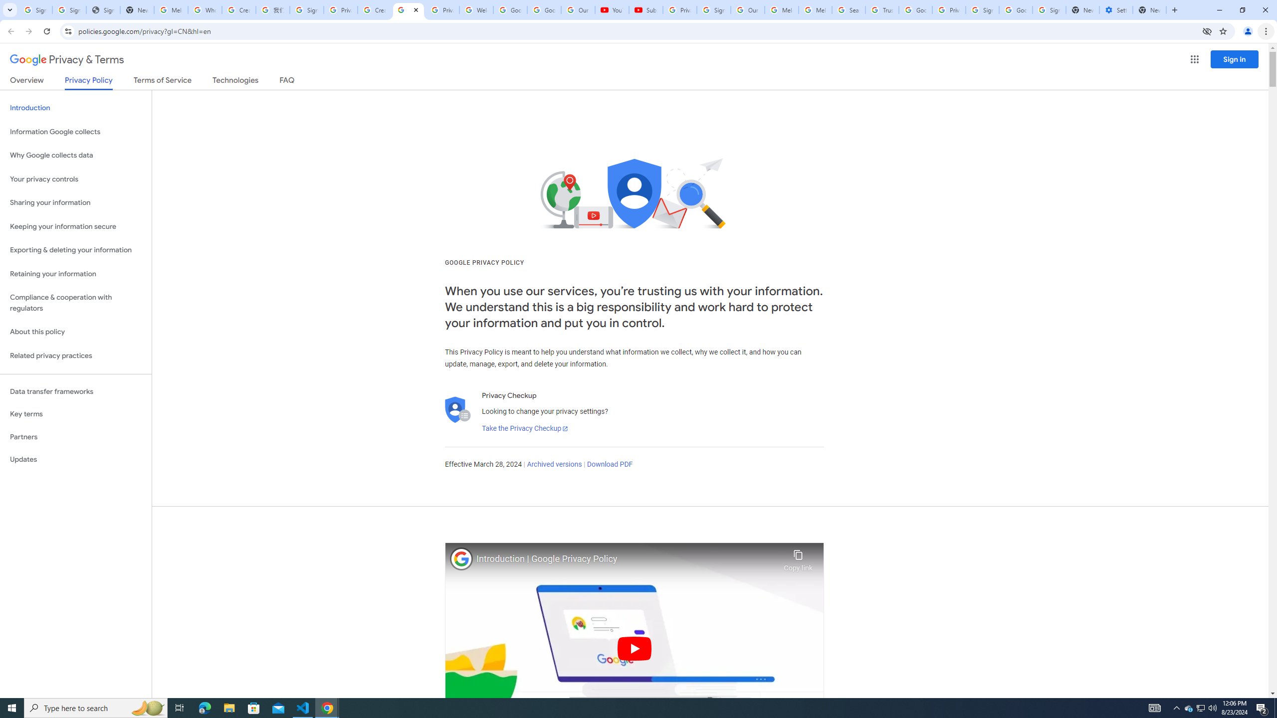 This screenshot has height=718, width=1277. I want to click on 'Who is my administrator? - Google Account Help', so click(204, 9).